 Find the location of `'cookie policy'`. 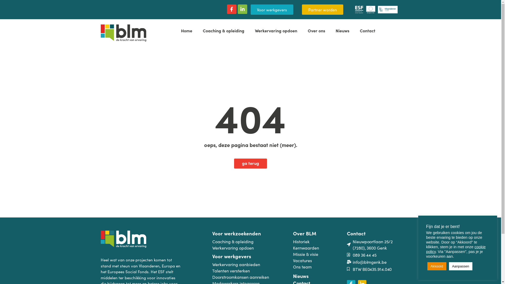

'cookie policy' is located at coordinates (455, 249).